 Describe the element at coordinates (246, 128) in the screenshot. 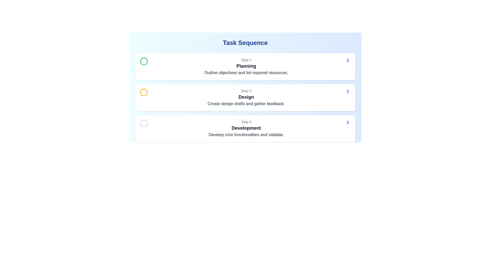

I see `the textual description element for the third step in the task sequence, titled 'Development', which provides guidance about developing core functionalities and validating them` at that location.